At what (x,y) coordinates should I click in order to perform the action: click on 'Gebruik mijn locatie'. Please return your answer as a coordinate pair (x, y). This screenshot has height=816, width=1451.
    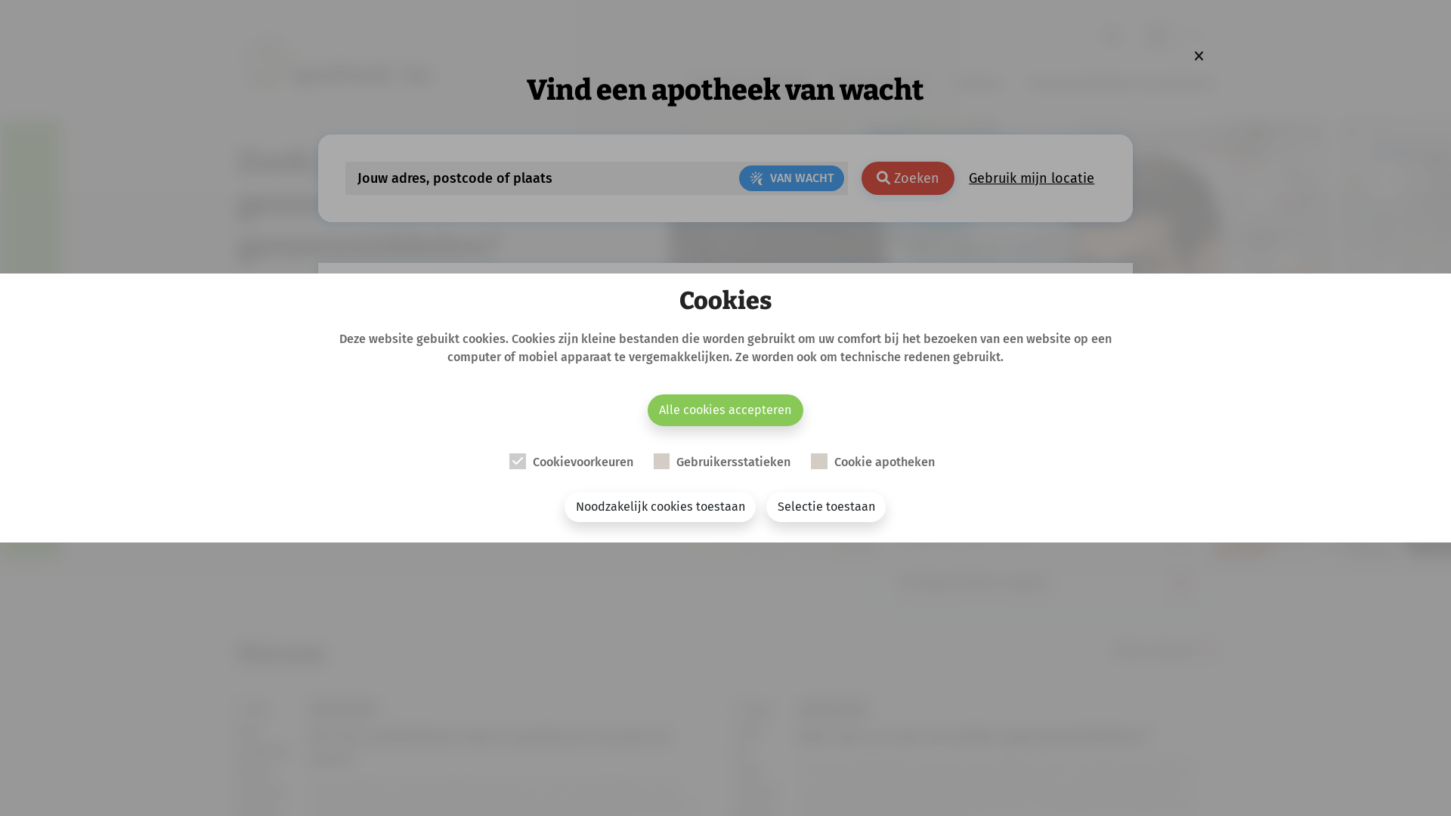
    Looking at the image, I should click on (1031, 178).